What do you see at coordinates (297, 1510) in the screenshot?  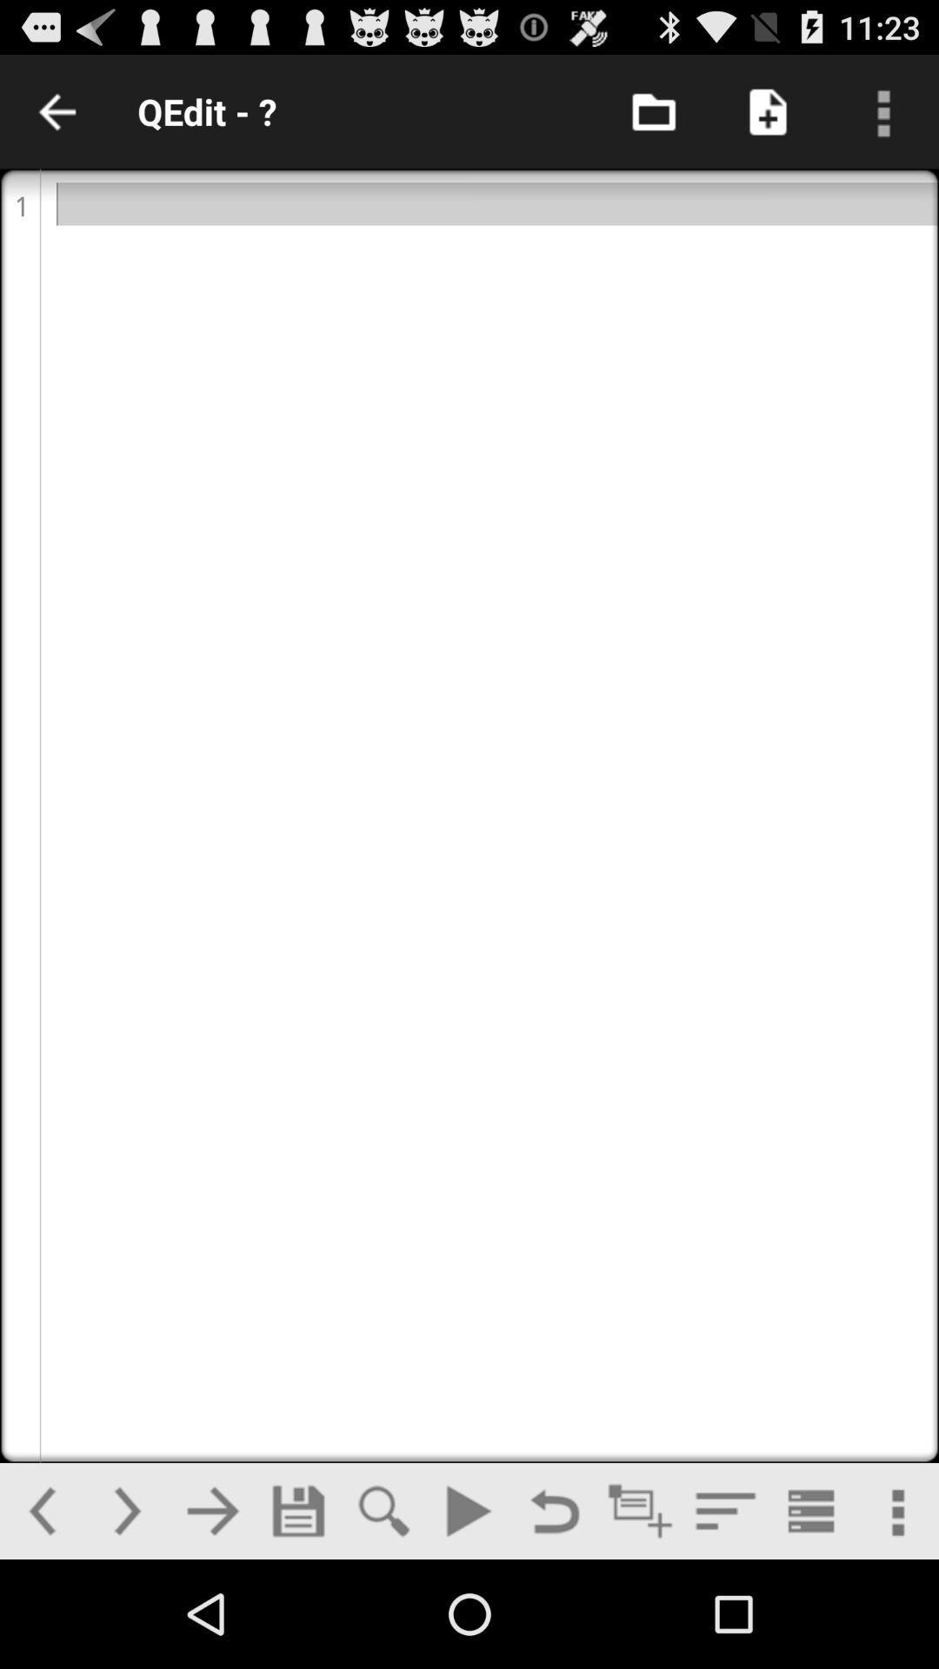 I see `save` at bounding box center [297, 1510].